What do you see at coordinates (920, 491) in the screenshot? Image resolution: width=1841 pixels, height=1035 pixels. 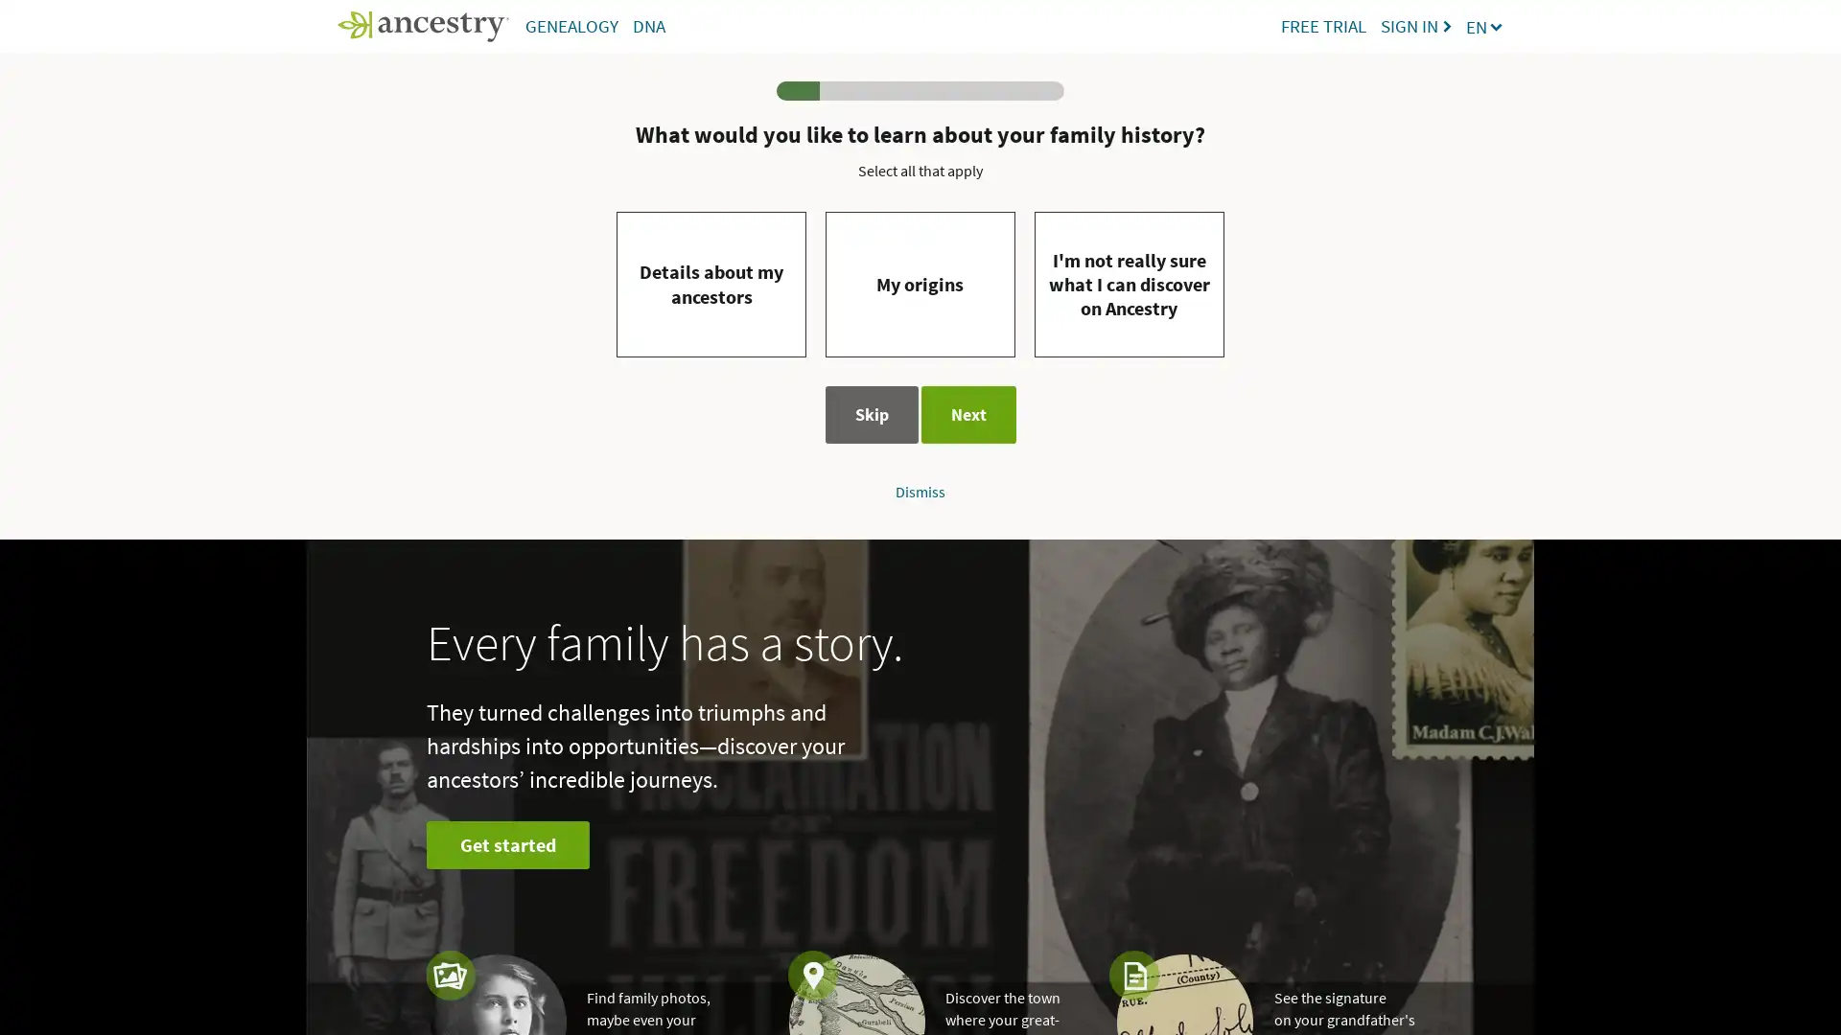 I see `Dismiss` at bounding box center [920, 491].